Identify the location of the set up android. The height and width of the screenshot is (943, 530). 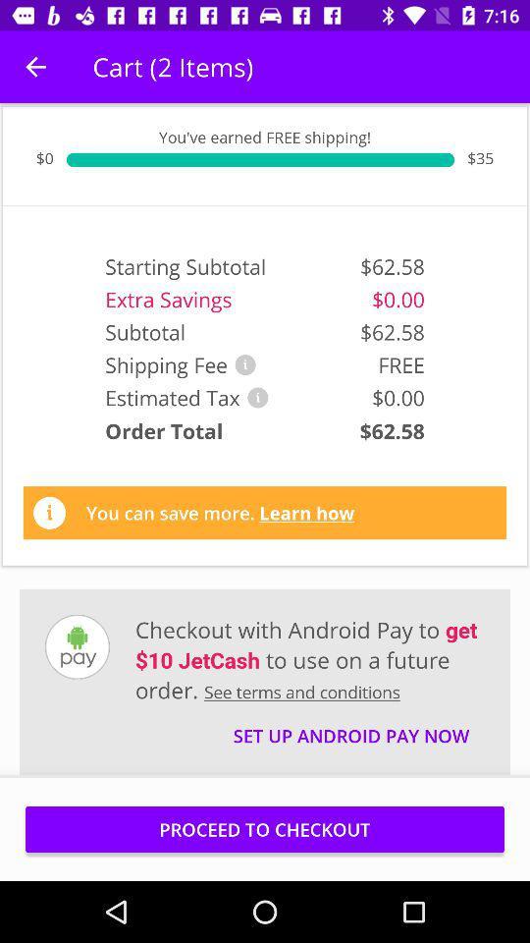
(349, 726).